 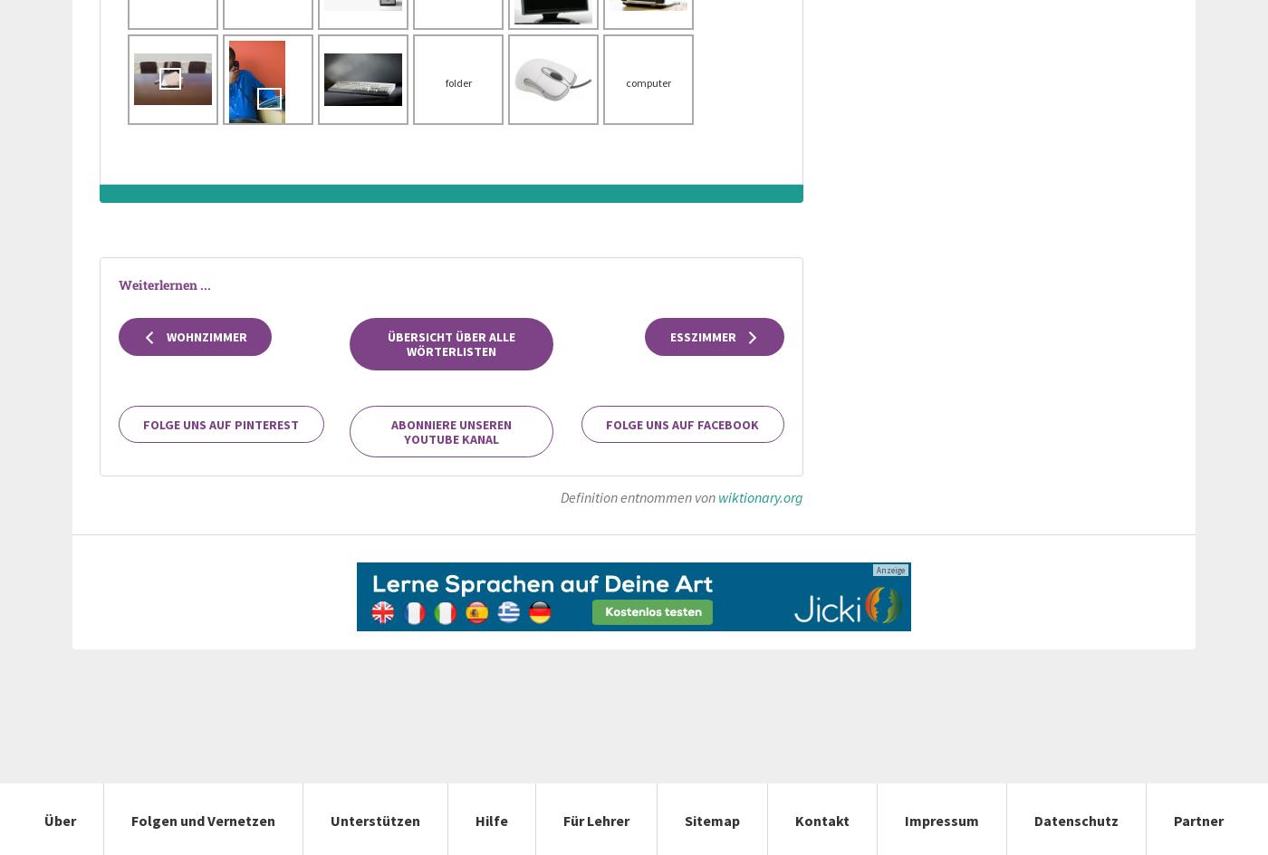 I want to click on 'Folgen und Vernetzen', so click(x=131, y=819).